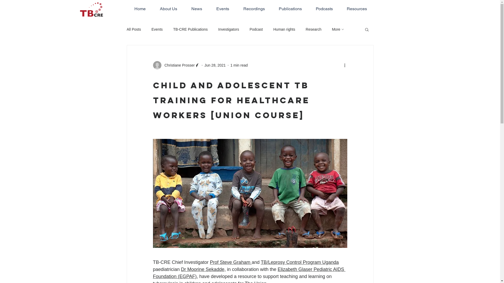  I want to click on 'Events', so click(151, 29).